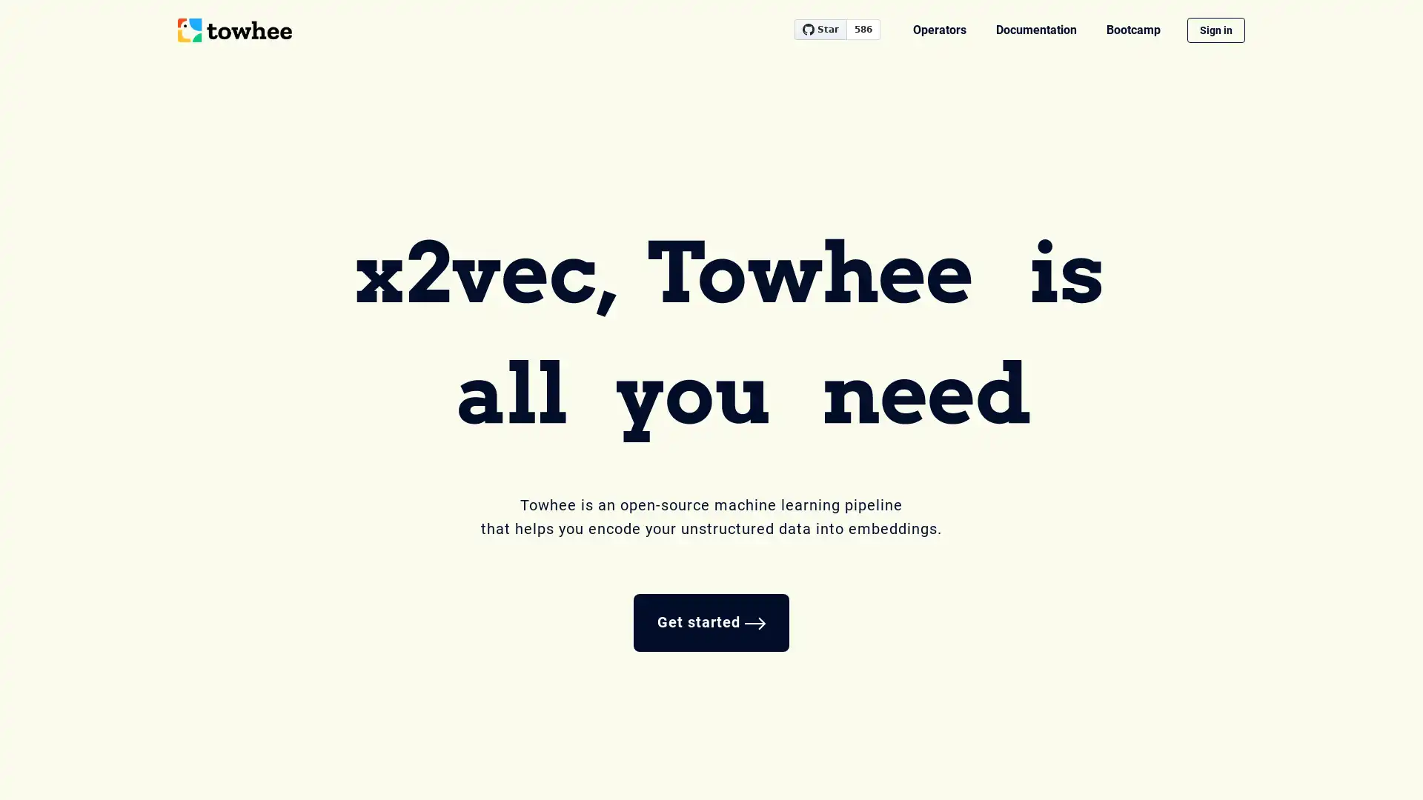  I want to click on Get started, so click(711, 622).